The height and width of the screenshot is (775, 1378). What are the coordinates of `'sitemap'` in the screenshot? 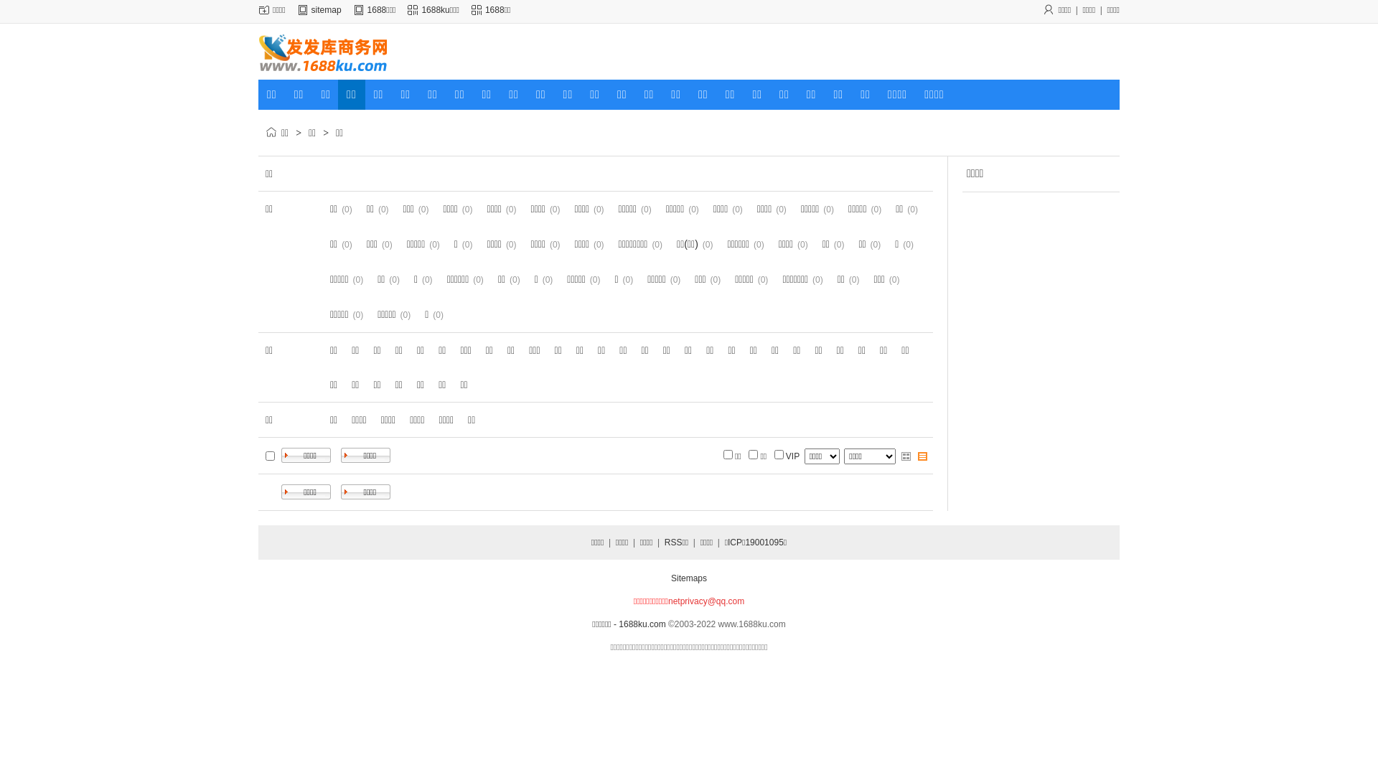 It's located at (326, 10).